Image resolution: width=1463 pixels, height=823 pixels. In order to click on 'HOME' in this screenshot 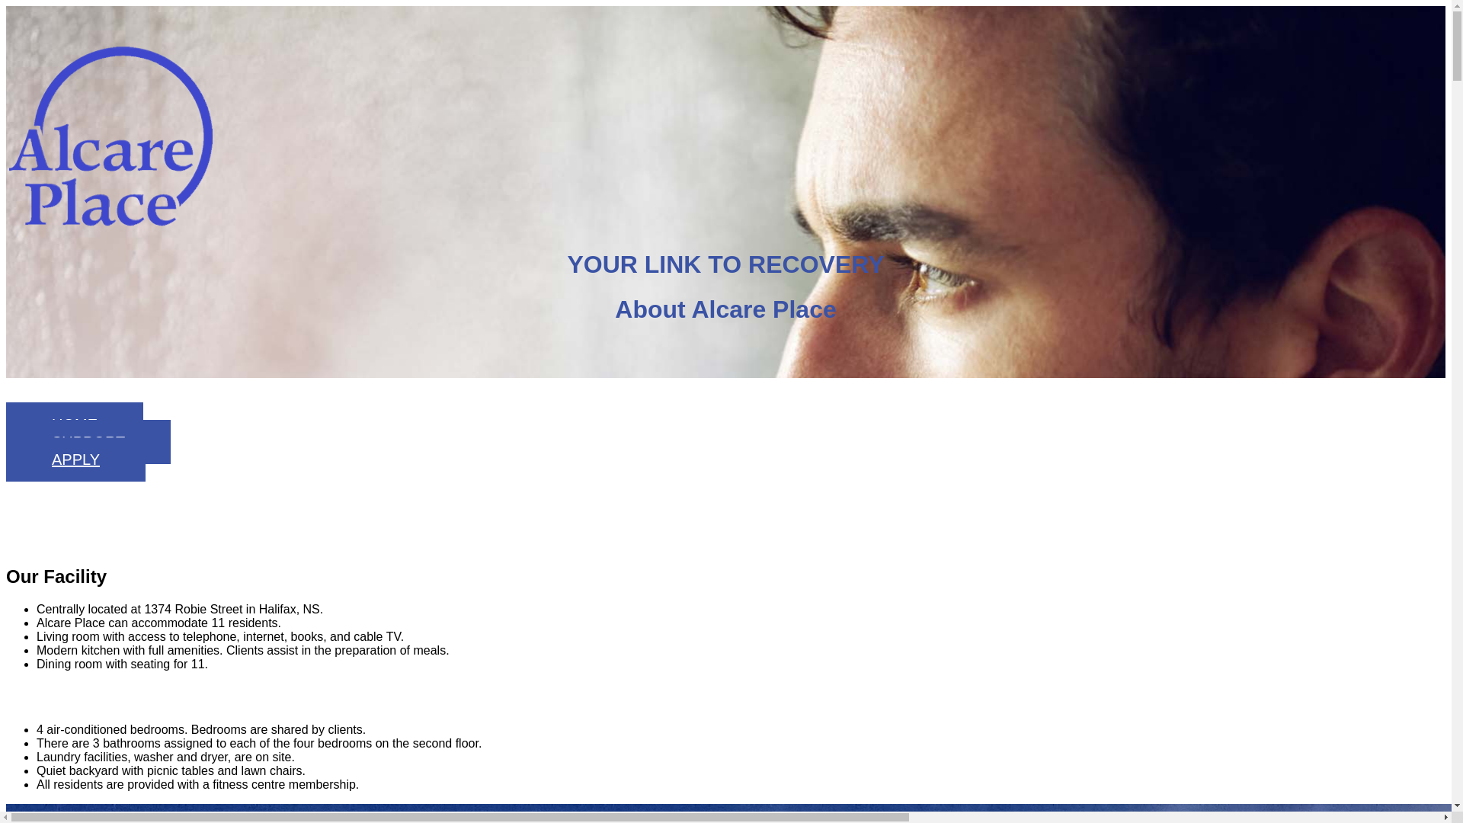, I will do `click(73, 424)`.